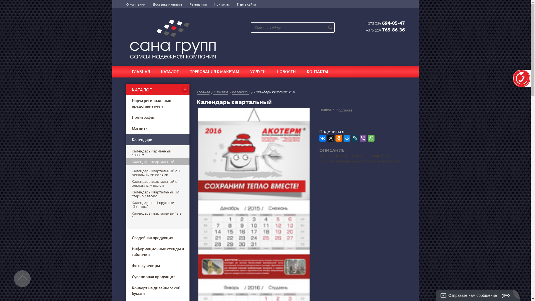  I want to click on 'WhatsApp', so click(371, 138).